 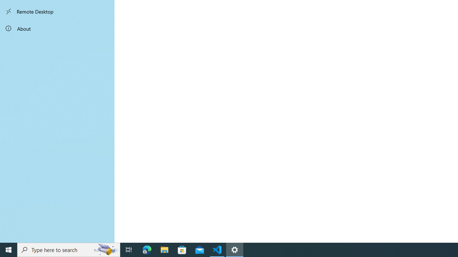 I want to click on 'Microsoft Edge', so click(x=147, y=249).